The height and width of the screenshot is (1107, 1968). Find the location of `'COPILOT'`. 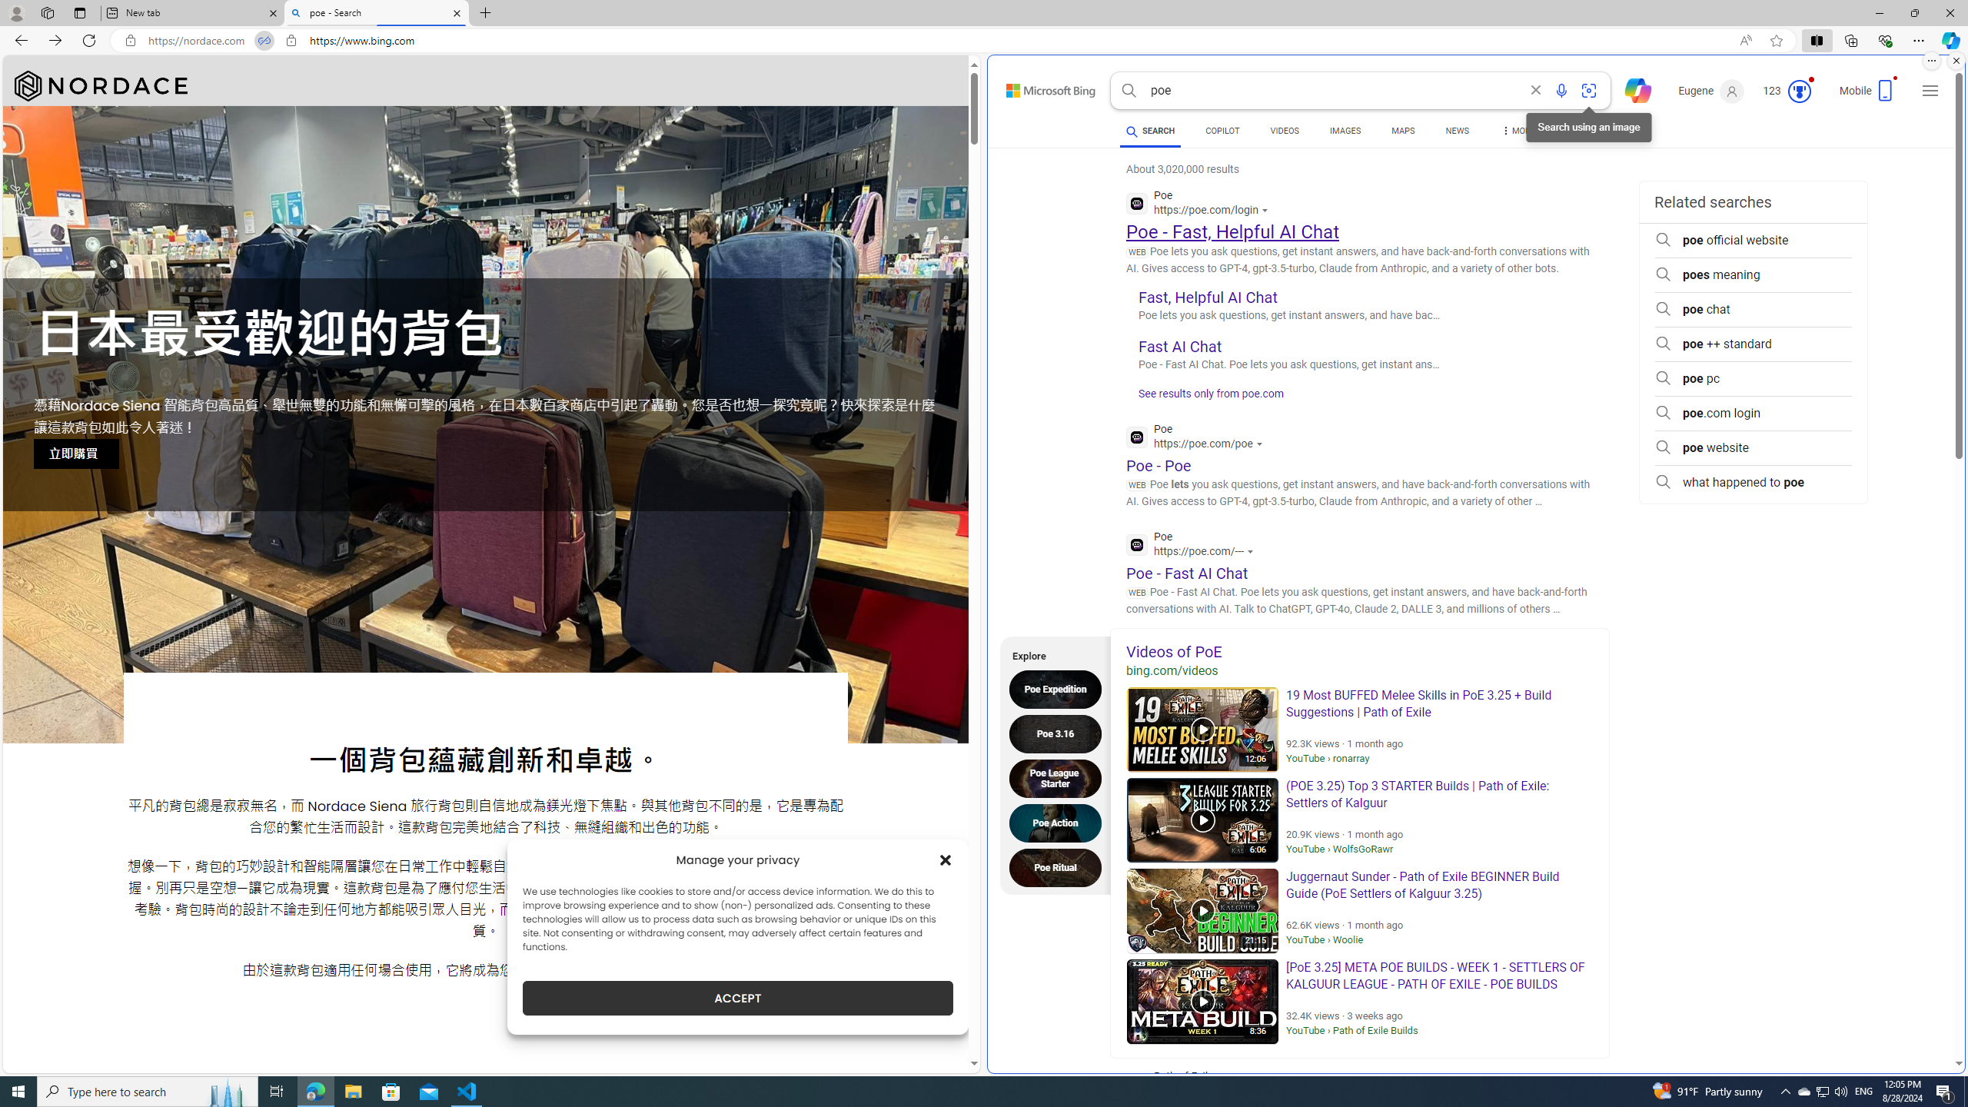

'COPILOT' is located at coordinates (1222, 132).